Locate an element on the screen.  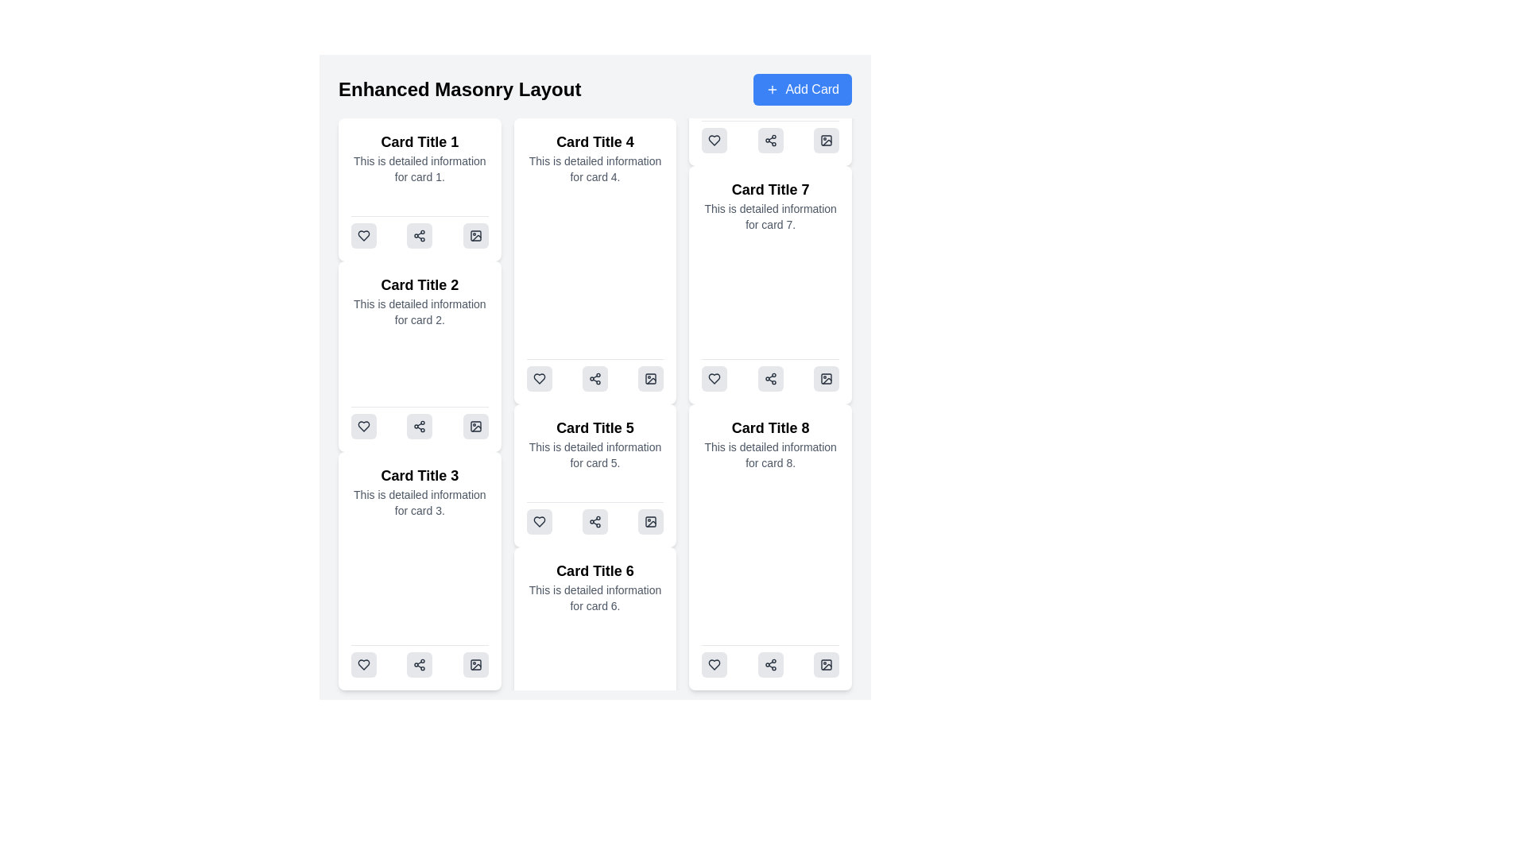
the small, rectangular shape with rounded corners located within the SVG icon in the bottom-right corner of the card labeled 'Card Title 8' is located at coordinates (827, 379).